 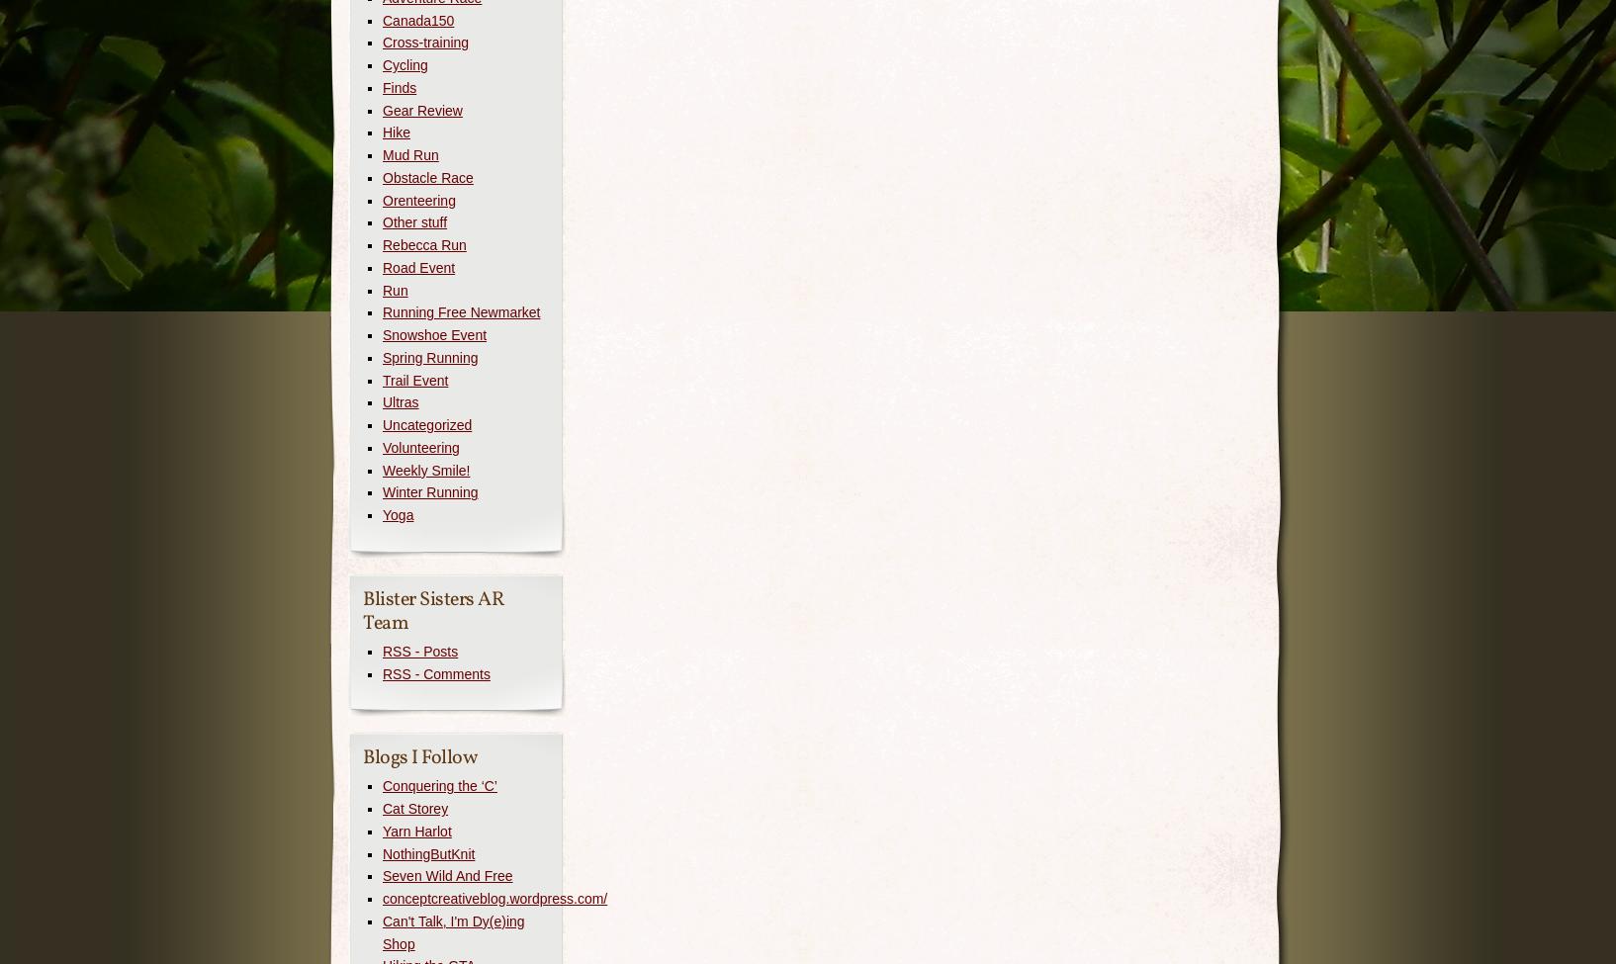 What do you see at coordinates (423, 245) in the screenshot?
I see `'Rebecca Run'` at bounding box center [423, 245].